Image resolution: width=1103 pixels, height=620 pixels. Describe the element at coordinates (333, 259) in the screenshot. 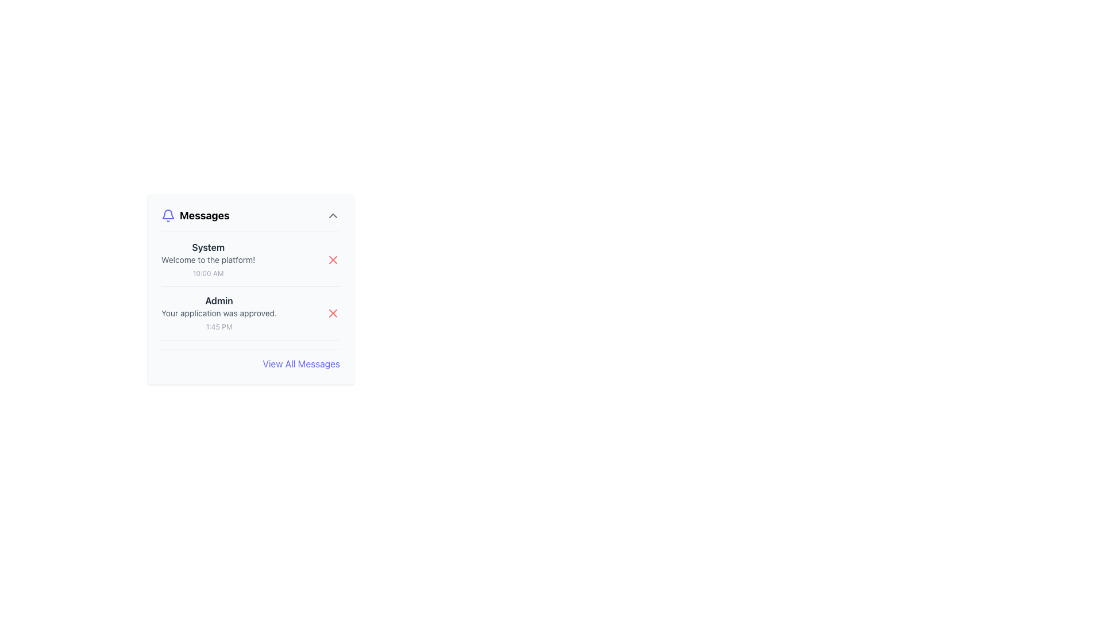

I see `the delete button located to the right of the 'System' label in the message list` at that location.